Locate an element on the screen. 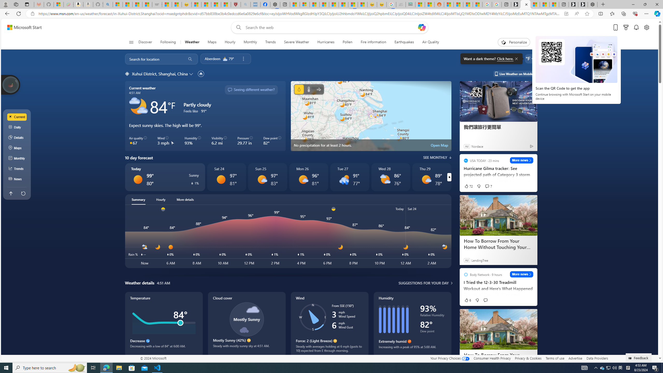  'See Monthly' is located at coordinates (437, 157).